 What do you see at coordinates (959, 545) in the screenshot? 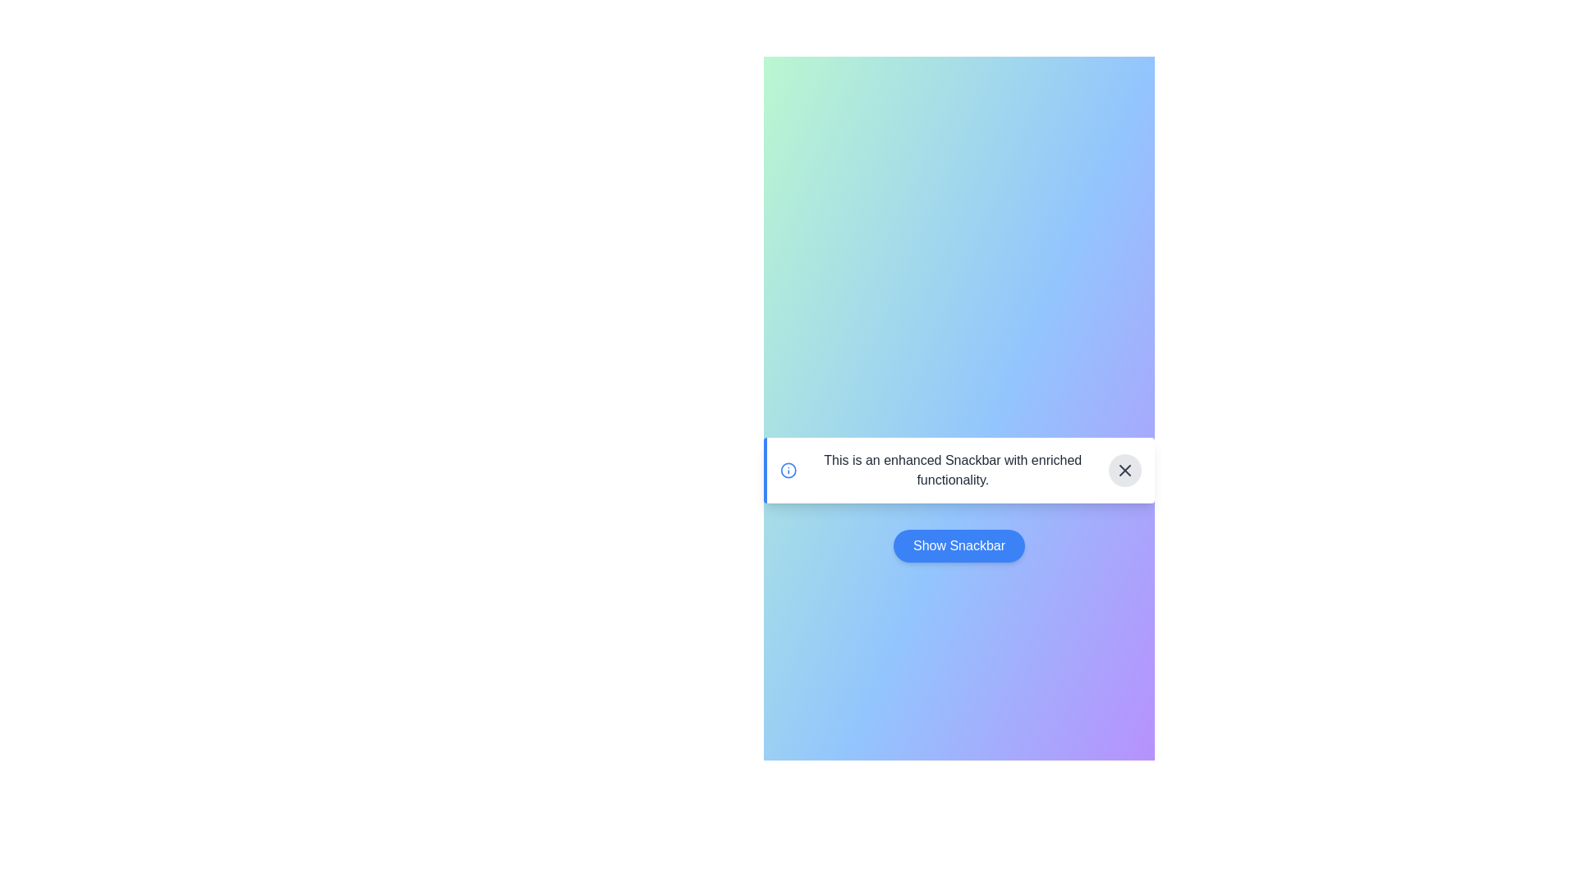
I see `the blue button labeled 'Show Snackbar' which has rounded corners and white text for visual feedback` at bounding box center [959, 545].